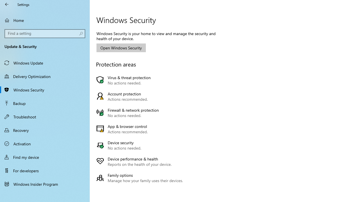 This screenshot has width=359, height=202. What do you see at coordinates (45, 170) in the screenshot?
I see `'For developers'` at bounding box center [45, 170].